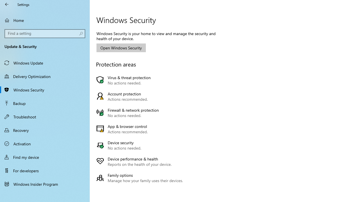 This screenshot has width=359, height=202. What do you see at coordinates (45, 170) in the screenshot?
I see `'For developers'` at bounding box center [45, 170].